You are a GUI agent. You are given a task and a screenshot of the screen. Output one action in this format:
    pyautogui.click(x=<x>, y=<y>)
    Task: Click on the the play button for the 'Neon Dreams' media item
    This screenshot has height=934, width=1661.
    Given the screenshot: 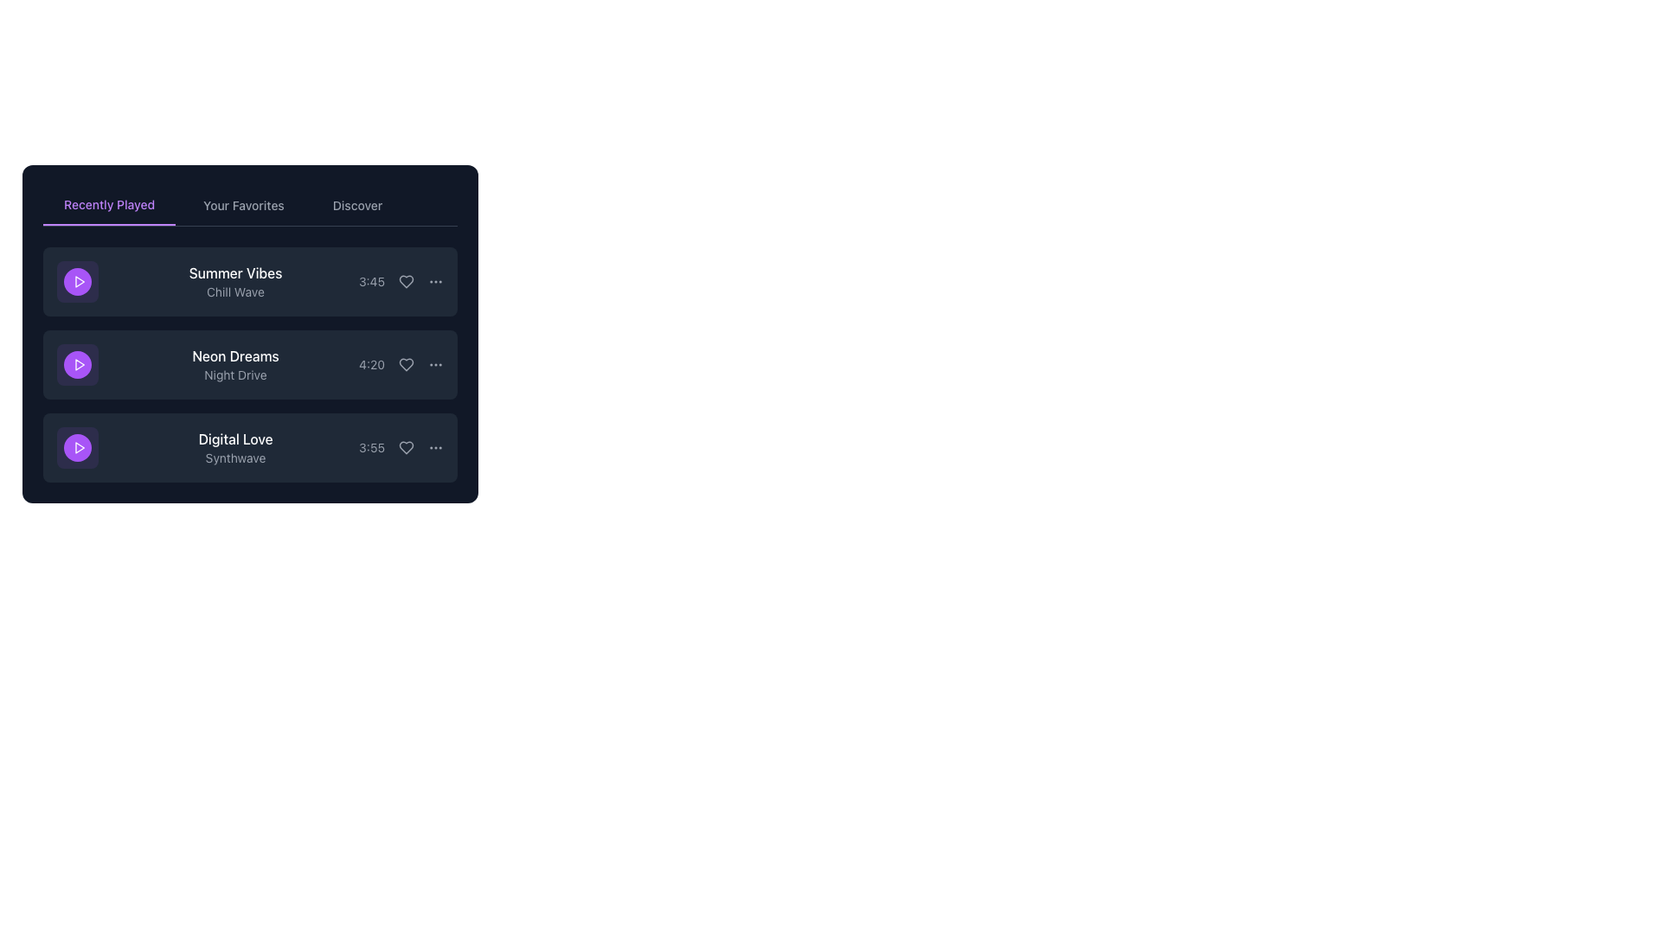 What is the action you would take?
    pyautogui.click(x=77, y=363)
    